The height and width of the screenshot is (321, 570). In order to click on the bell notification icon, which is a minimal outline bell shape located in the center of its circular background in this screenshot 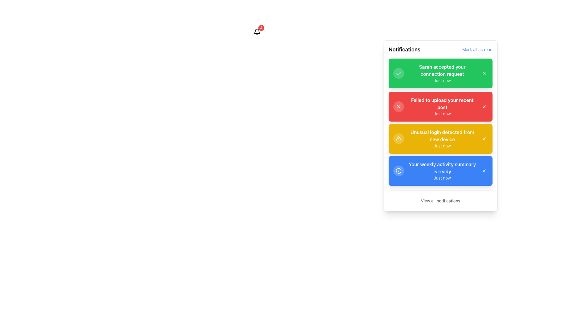, I will do `click(257, 32)`.